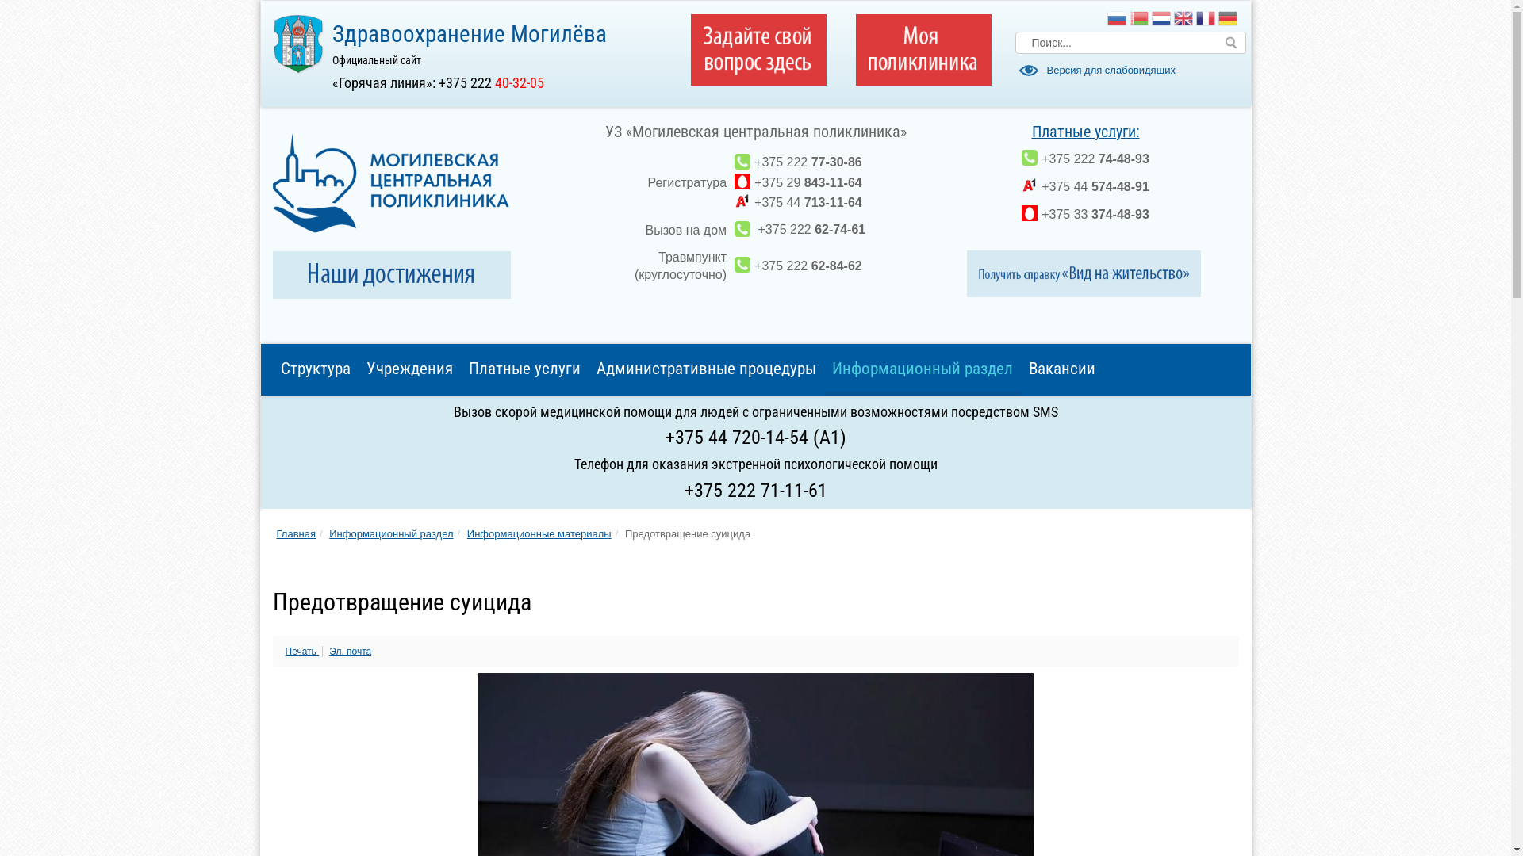 The width and height of the screenshot is (1523, 856). I want to click on 'Russian', so click(1115, 18).